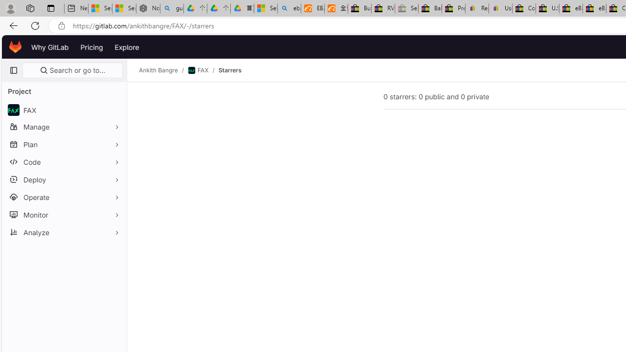  What do you see at coordinates (229, 70) in the screenshot?
I see `'Starrers'` at bounding box center [229, 70].